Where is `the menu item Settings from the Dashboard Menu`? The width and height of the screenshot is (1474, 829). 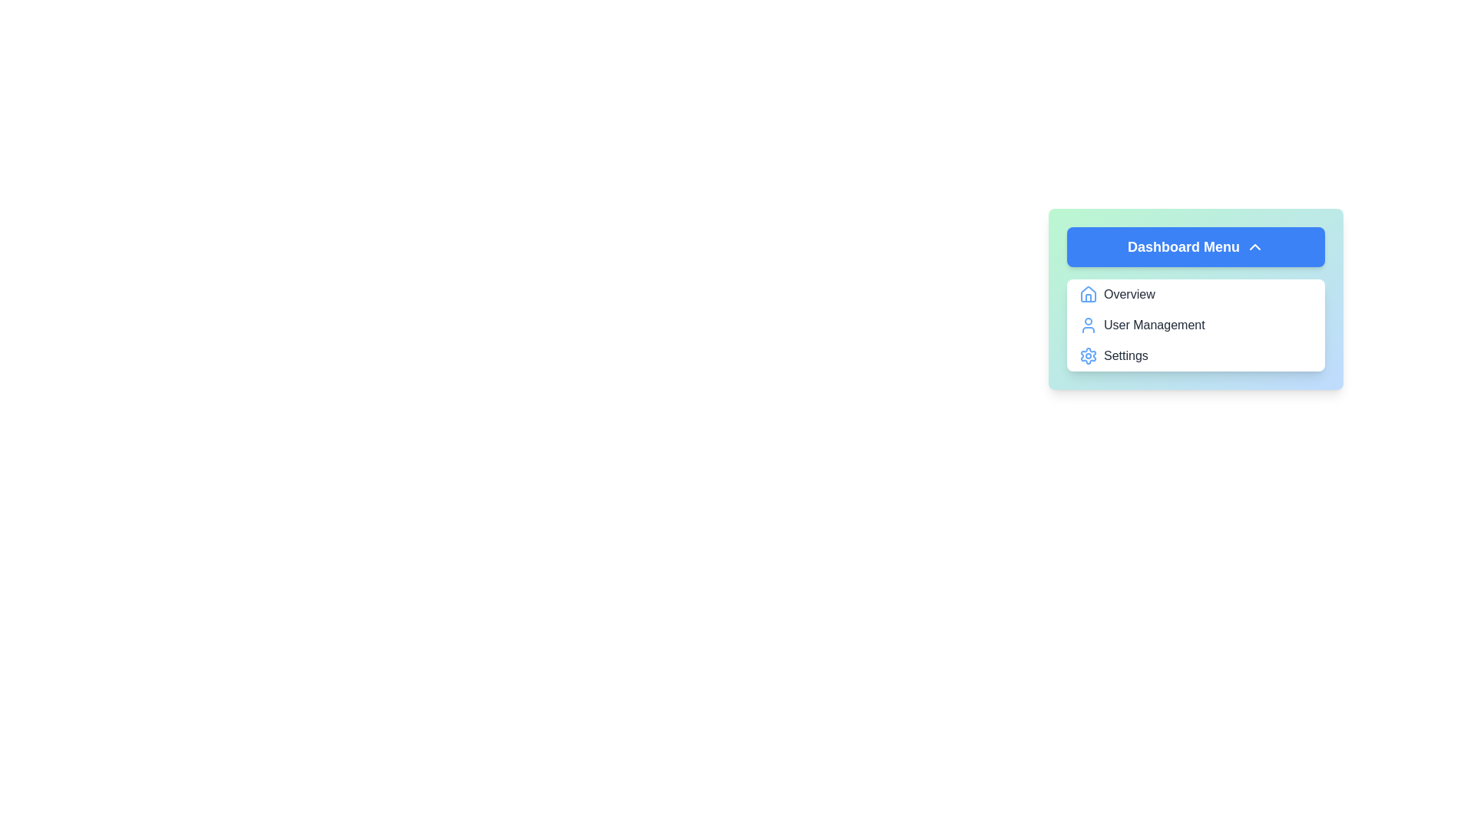
the menu item Settings from the Dashboard Menu is located at coordinates (1112, 355).